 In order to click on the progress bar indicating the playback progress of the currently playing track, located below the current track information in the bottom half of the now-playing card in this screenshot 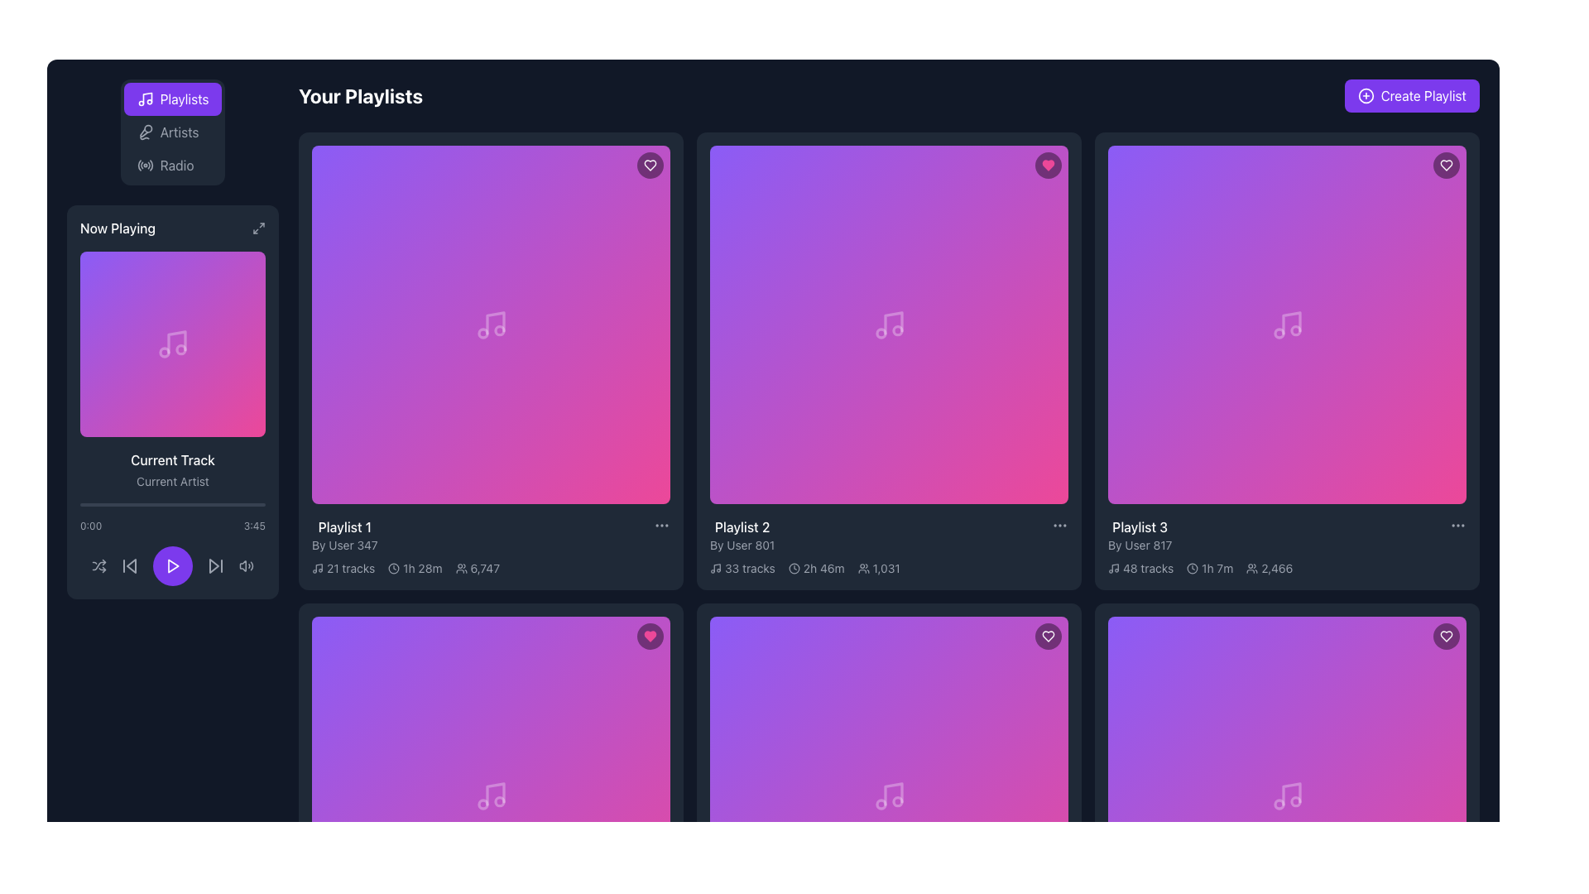, I will do `click(173, 503)`.